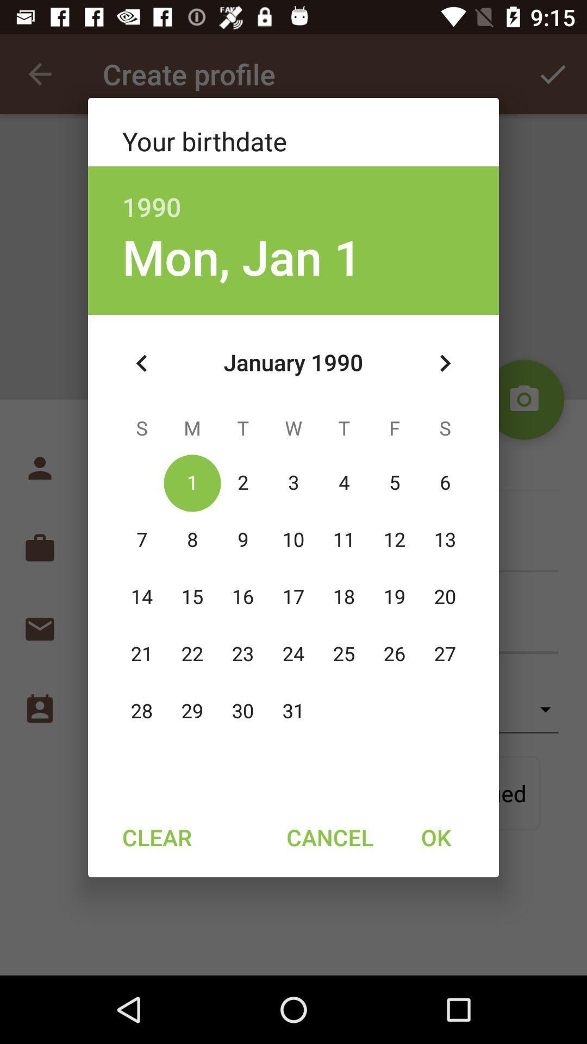  What do you see at coordinates (241, 256) in the screenshot?
I see `the item below 1990 item` at bounding box center [241, 256].